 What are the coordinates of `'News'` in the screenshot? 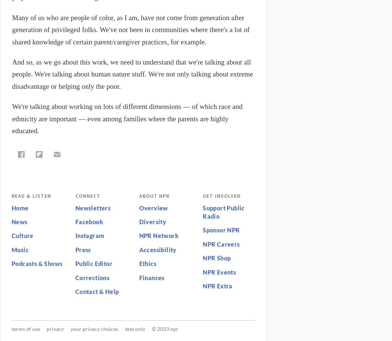 It's located at (19, 222).